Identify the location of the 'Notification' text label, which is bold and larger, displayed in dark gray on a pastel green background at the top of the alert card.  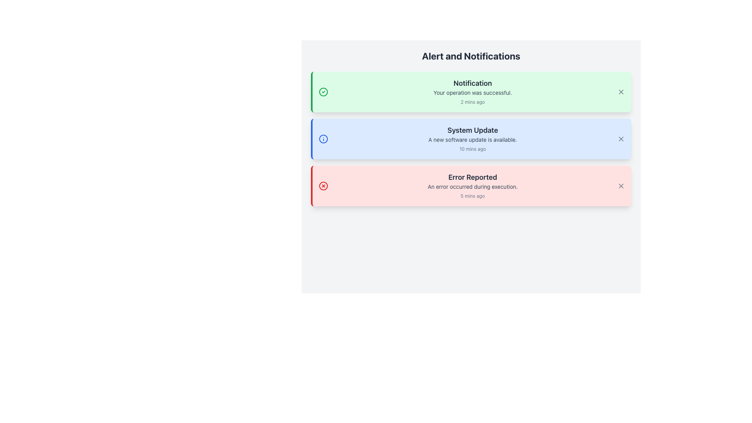
(472, 83).